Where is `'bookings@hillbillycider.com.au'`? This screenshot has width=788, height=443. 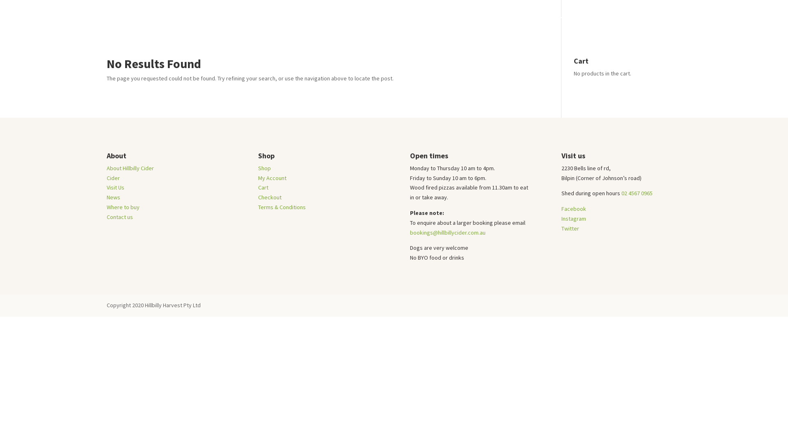
'bookings@hillbillycider.com.au' is located at coordinates (447, 233).